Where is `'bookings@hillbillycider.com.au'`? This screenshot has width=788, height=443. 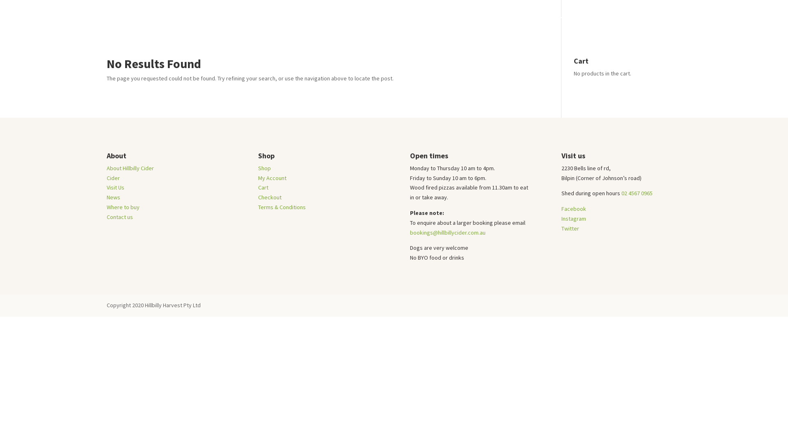
'bookings@hillbillycider.com.au' is located at coordinates (447, 233).